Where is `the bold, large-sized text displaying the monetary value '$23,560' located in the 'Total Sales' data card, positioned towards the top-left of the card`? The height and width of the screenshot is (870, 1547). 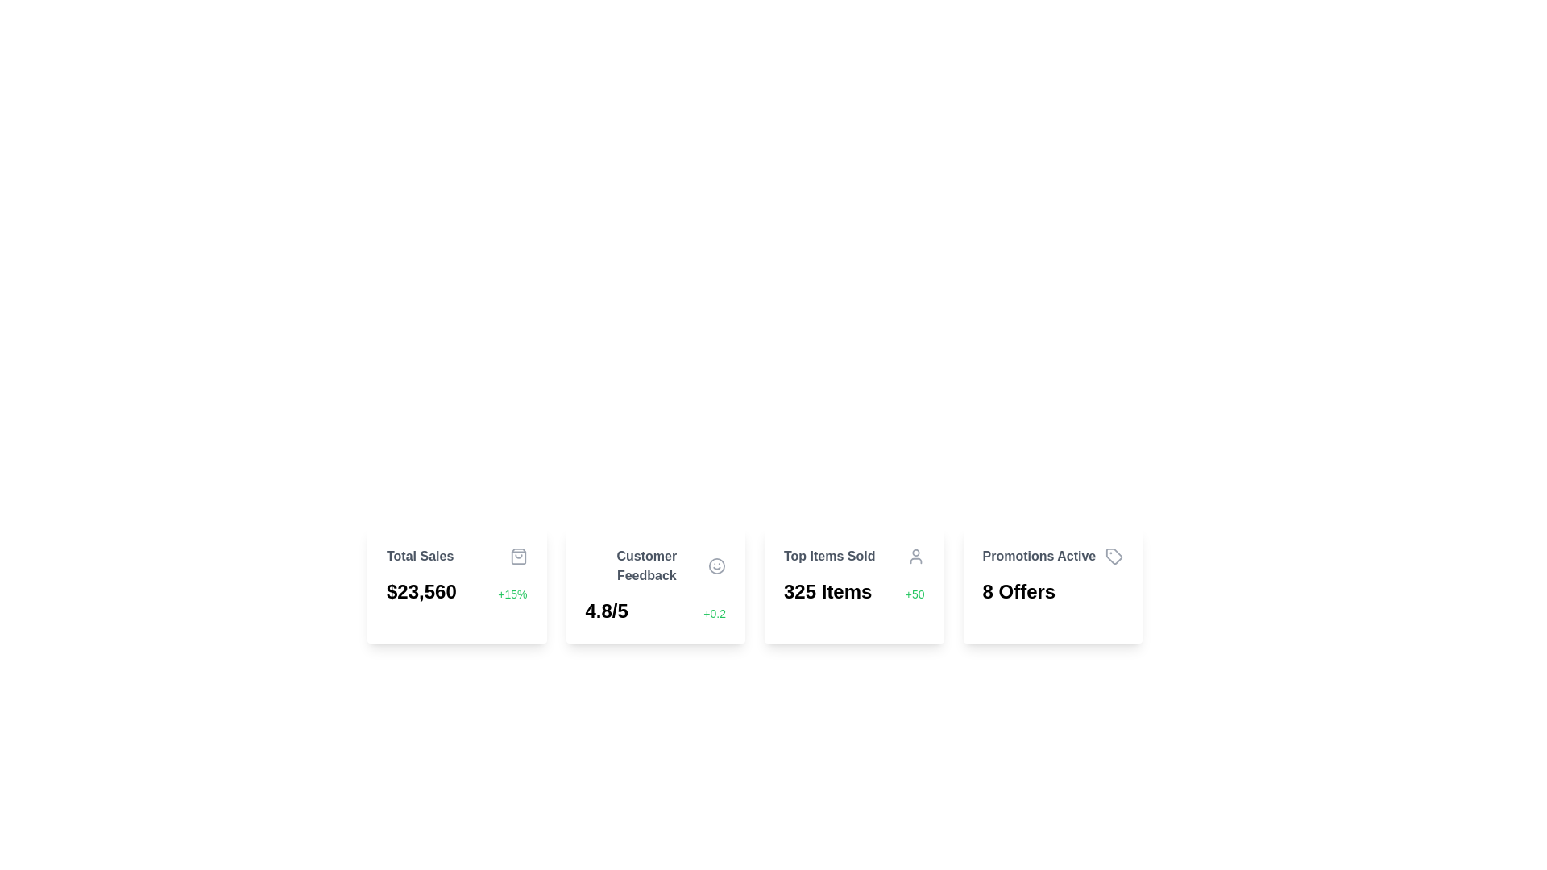
the bold, large-sized text displaying the monetary value '$23,560' located in the 'Total Sales' data card, positioned towards the top-left of the card is located at coordinates (421, 592).